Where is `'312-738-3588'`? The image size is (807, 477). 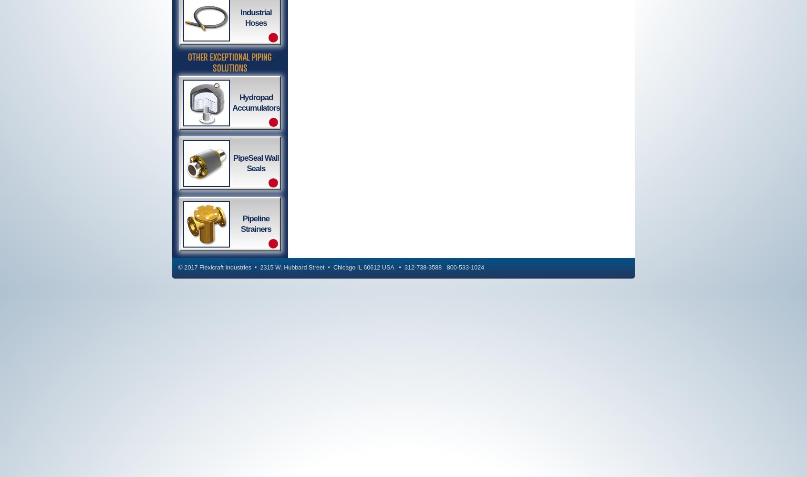 '312-738-3588' is located at coordinates (422, 268).